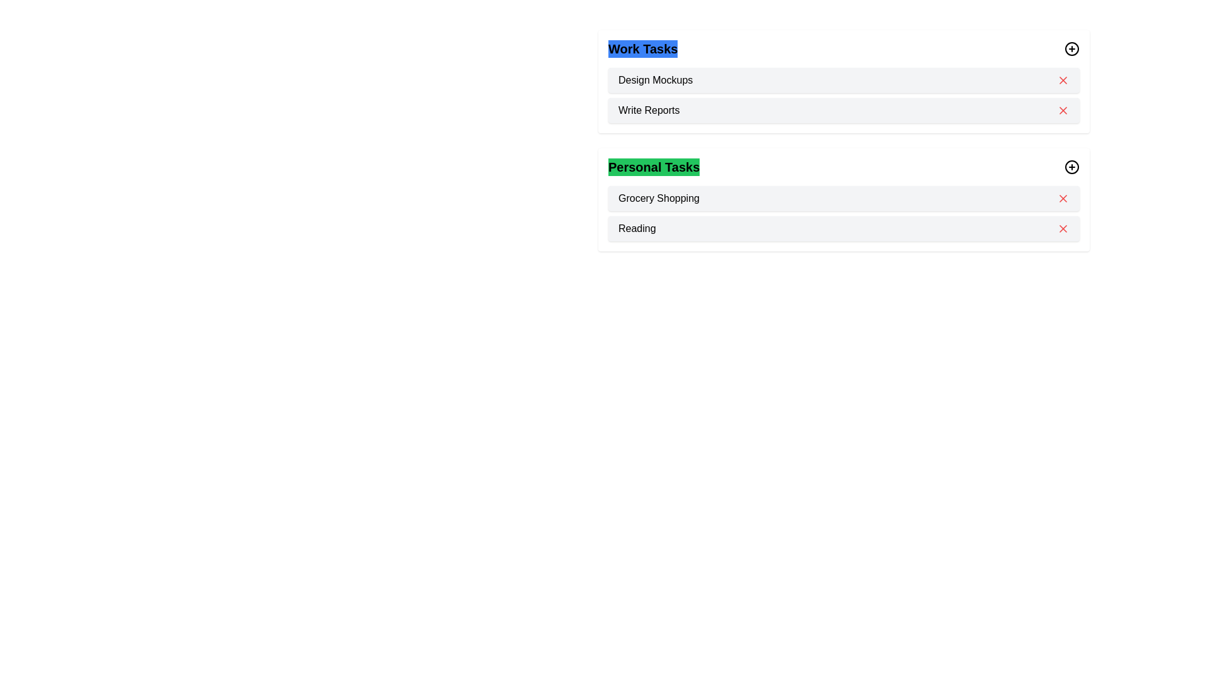 The height and width of the screenshot is (679, 1208). What do you see at coordinates (1071, 48) in the screenshot?
I see `'+' icon next to the category Work to add a new task` at bounding box center [1071, 48].